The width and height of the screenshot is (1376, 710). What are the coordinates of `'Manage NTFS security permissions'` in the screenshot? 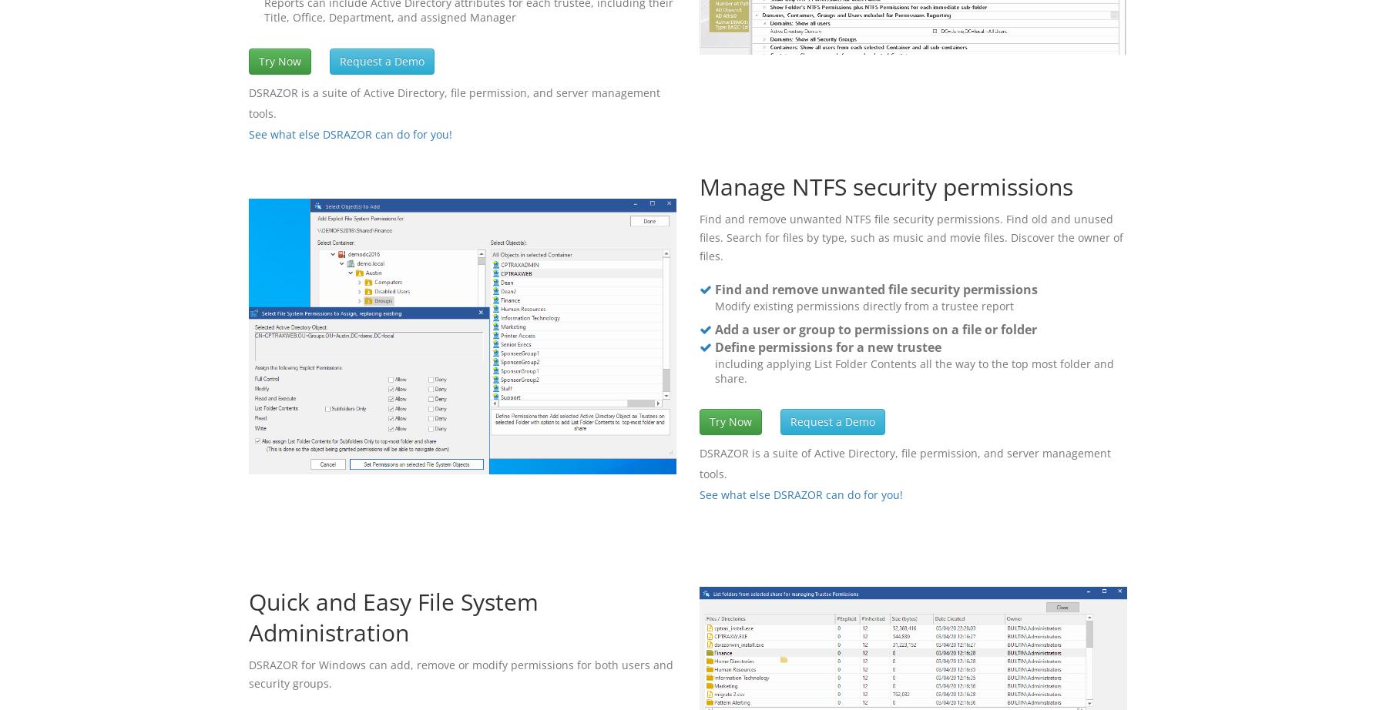 It's located at (700, 185).